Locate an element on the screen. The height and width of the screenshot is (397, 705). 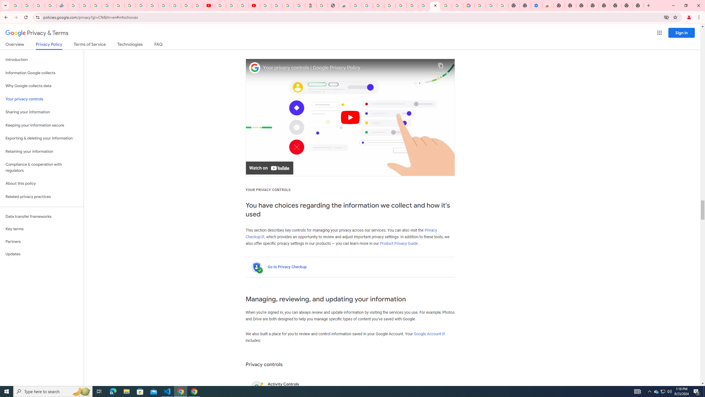
'Create your Google Account' is located at coordinates (242, 5).